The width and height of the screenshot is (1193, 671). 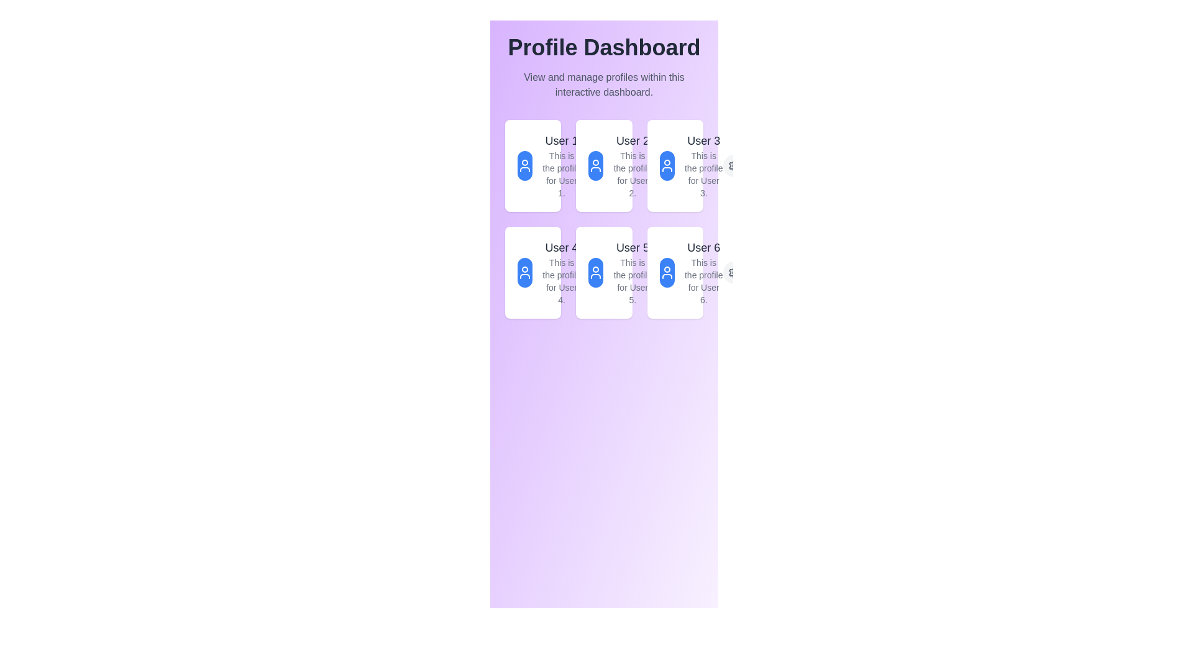 What do you see at coordinates (548, 165) in the screenshot?
I see `the profile card displaying the user's name and brief description, located at the top-left corner of the grid layout of user profile cards` at bounding box center [548, 165].